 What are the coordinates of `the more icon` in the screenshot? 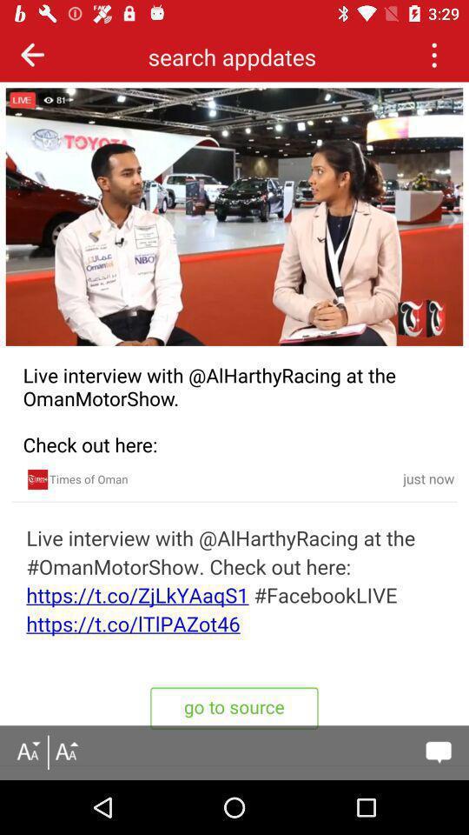 It's located at (433, 54).